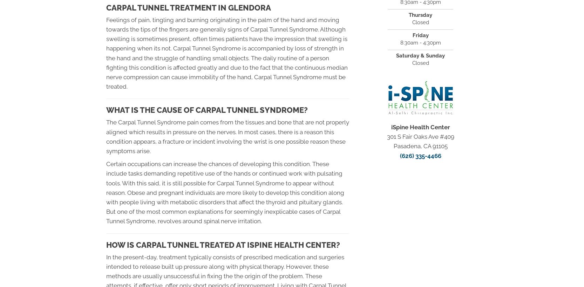 This screenshot has height=287, width=584. Describe the element at coordinates (420, 14) in the screenshot. I see `'Thursday'` at that location.